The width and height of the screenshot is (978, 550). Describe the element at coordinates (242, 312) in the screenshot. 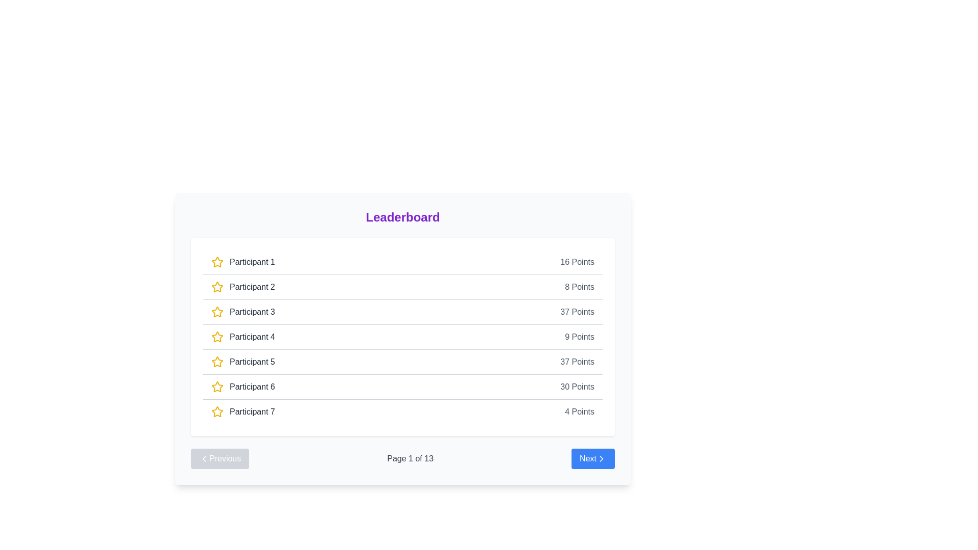

I see `text of the Text Label element displaying 'Participant 3', which is located in the third row of the leaderboard table, positioned between a yellow star icon and another element showing '37 Points'` at that location.